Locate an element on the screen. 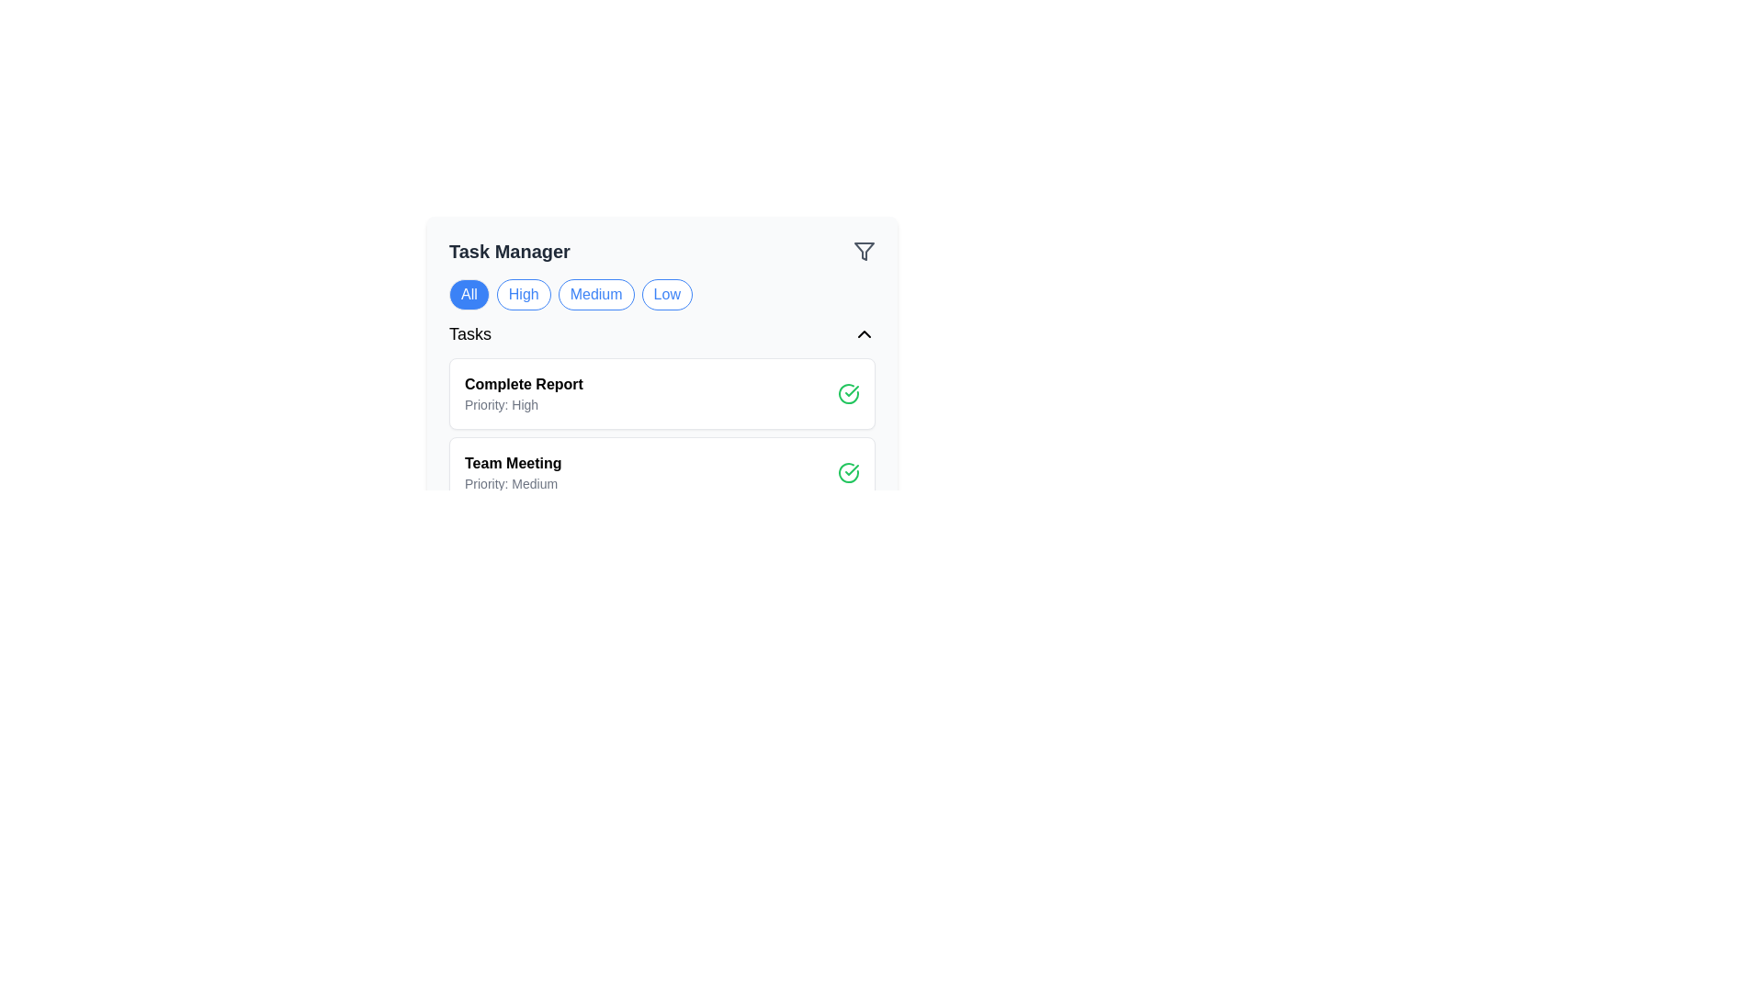 The image size is (1764, 992). the 'Complete Report' task card, which is the first card in the 'Tasks' section is located at coordinates (661, 413).